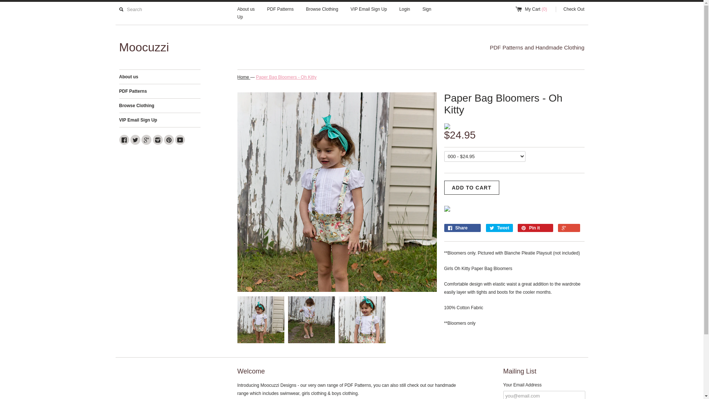  What do you see at coordinates (499, 228) in the screenshot?
I see `'Tweet'` at bounding box center [499, 228].